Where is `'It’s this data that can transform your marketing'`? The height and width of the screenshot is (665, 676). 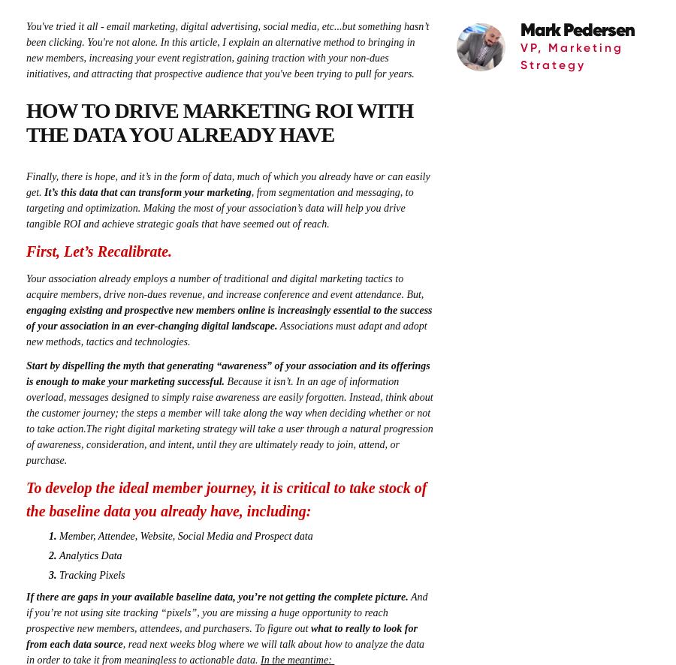 'It’s this data that can transform your marketing' is located at coordinates (147, 191).